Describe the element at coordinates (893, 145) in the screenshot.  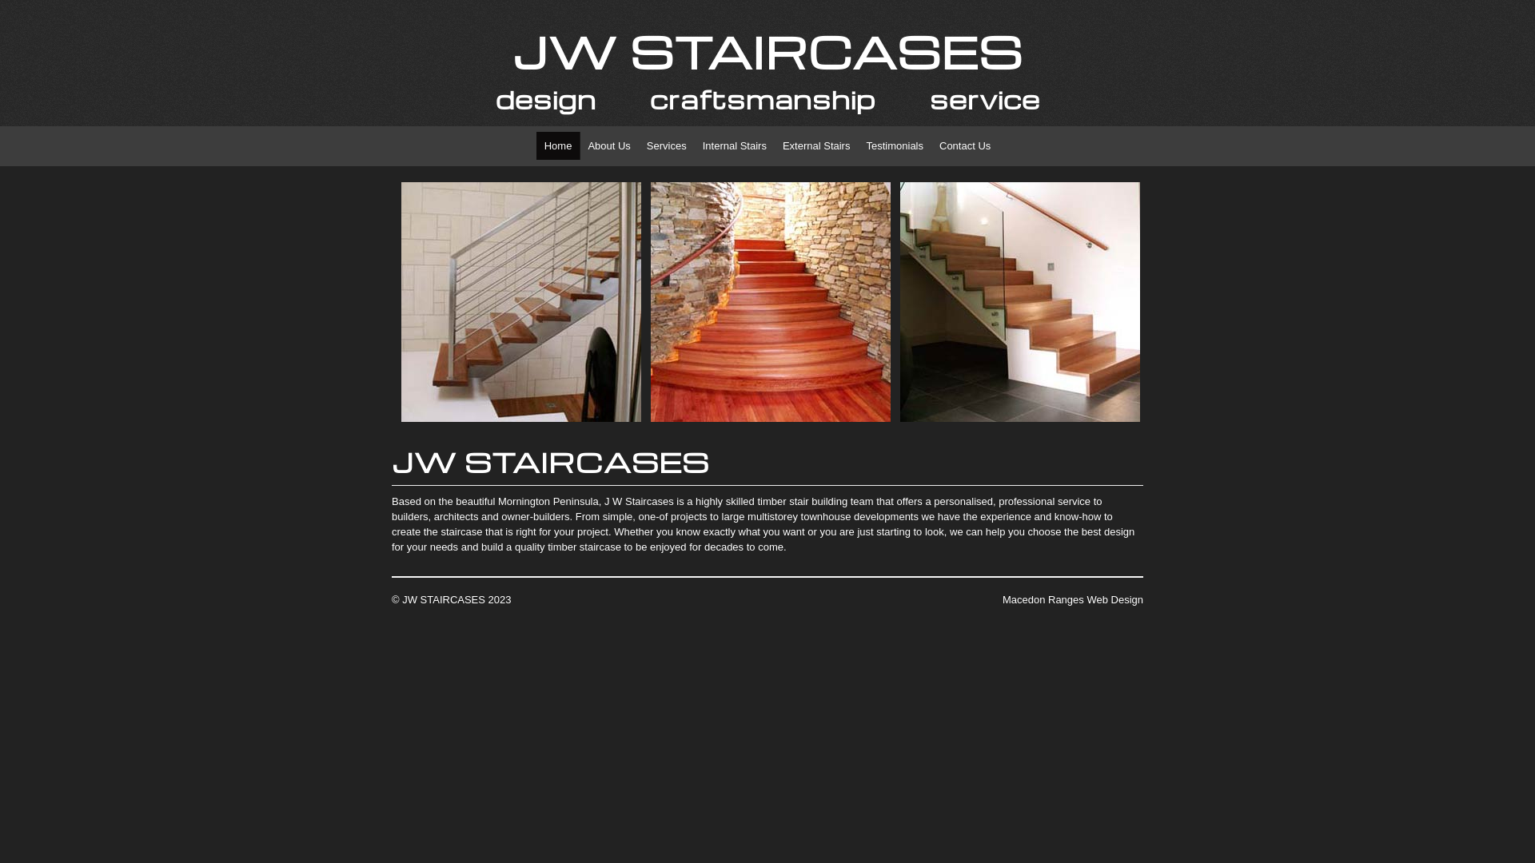
I see `'Testimonials'` at that location.